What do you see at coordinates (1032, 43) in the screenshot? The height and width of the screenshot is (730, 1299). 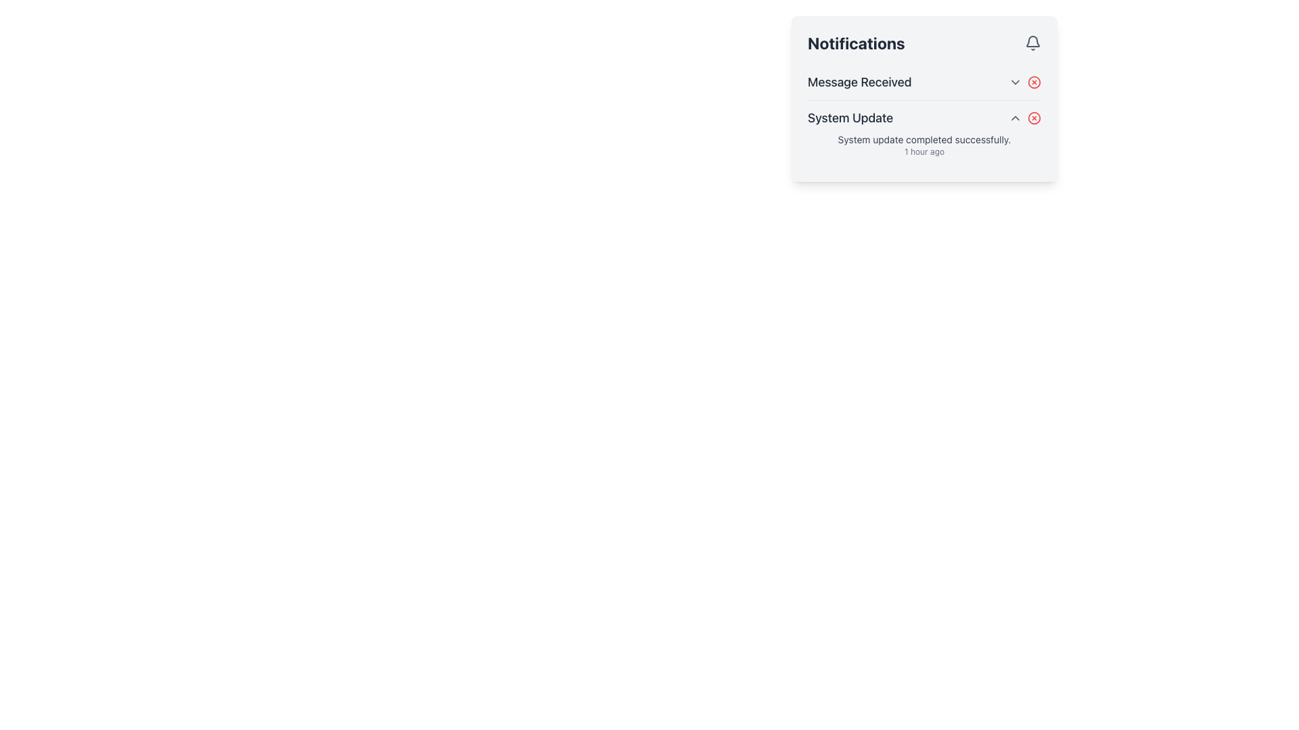 I see `the bell icon located at the top-right corner of the notification panel` at bounding box center [1032, 43].